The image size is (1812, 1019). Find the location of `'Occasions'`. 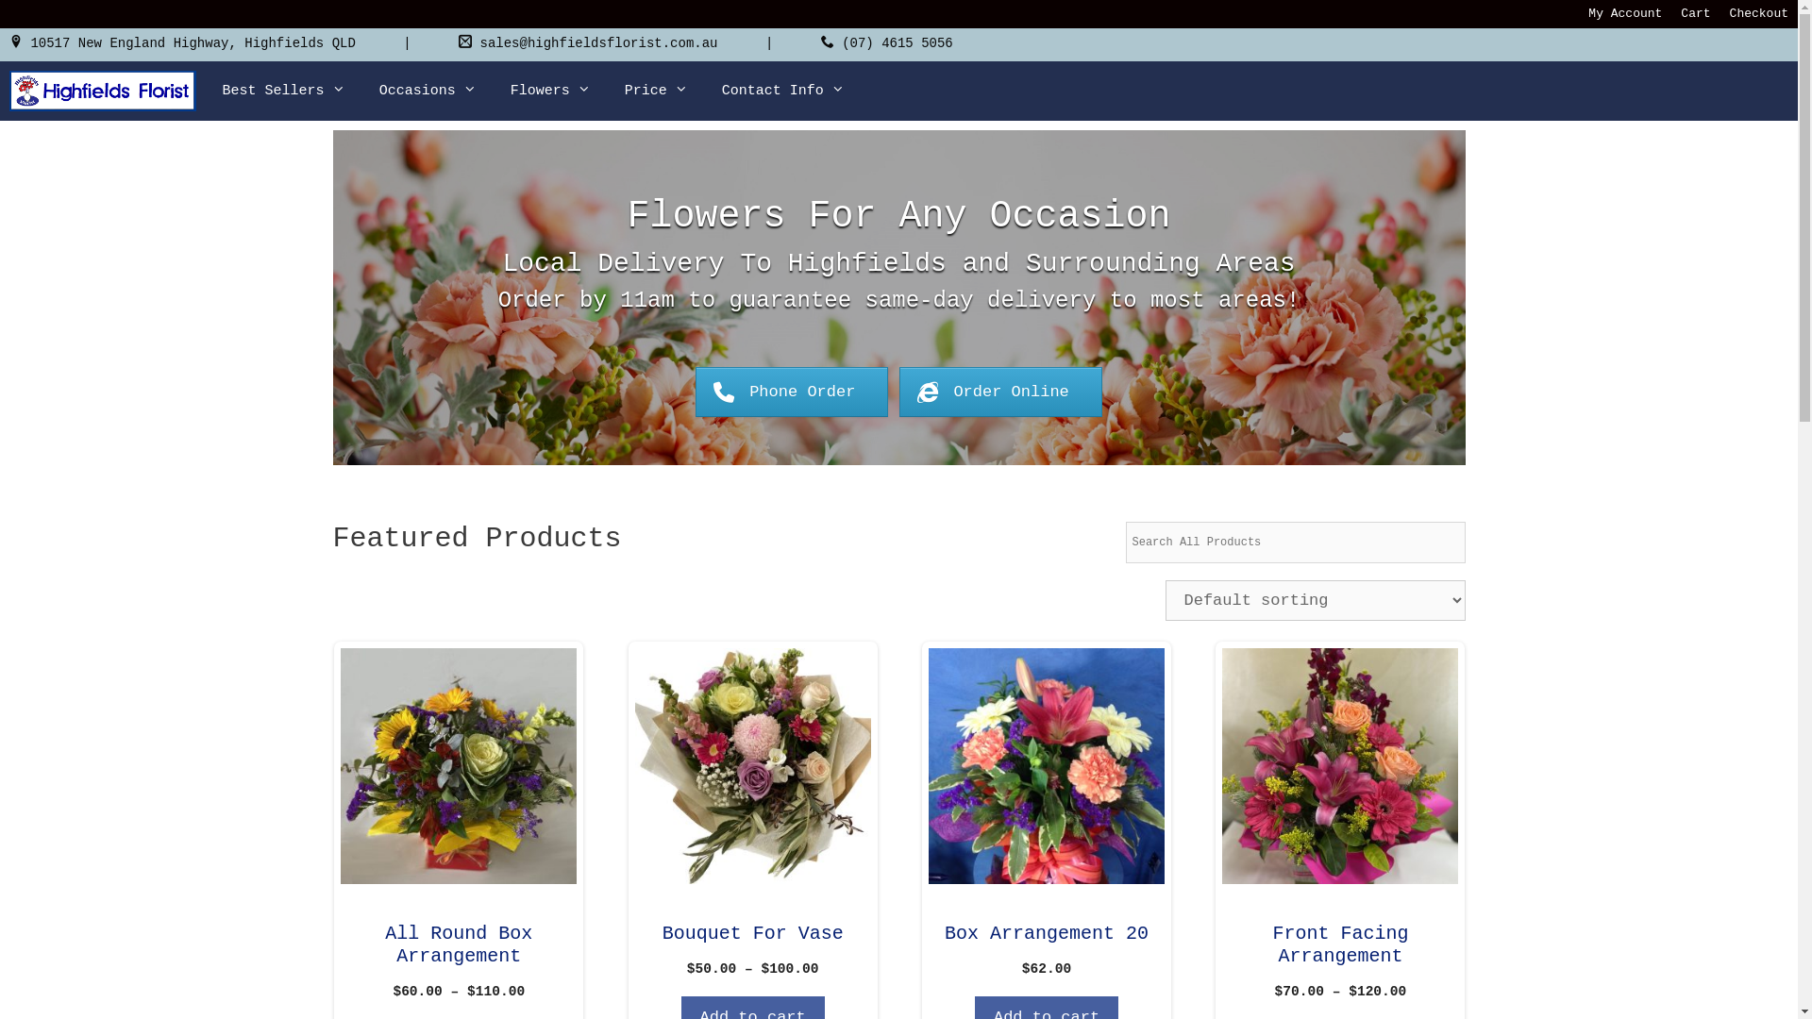

'Occasions' is located at coordinates (362, 90).